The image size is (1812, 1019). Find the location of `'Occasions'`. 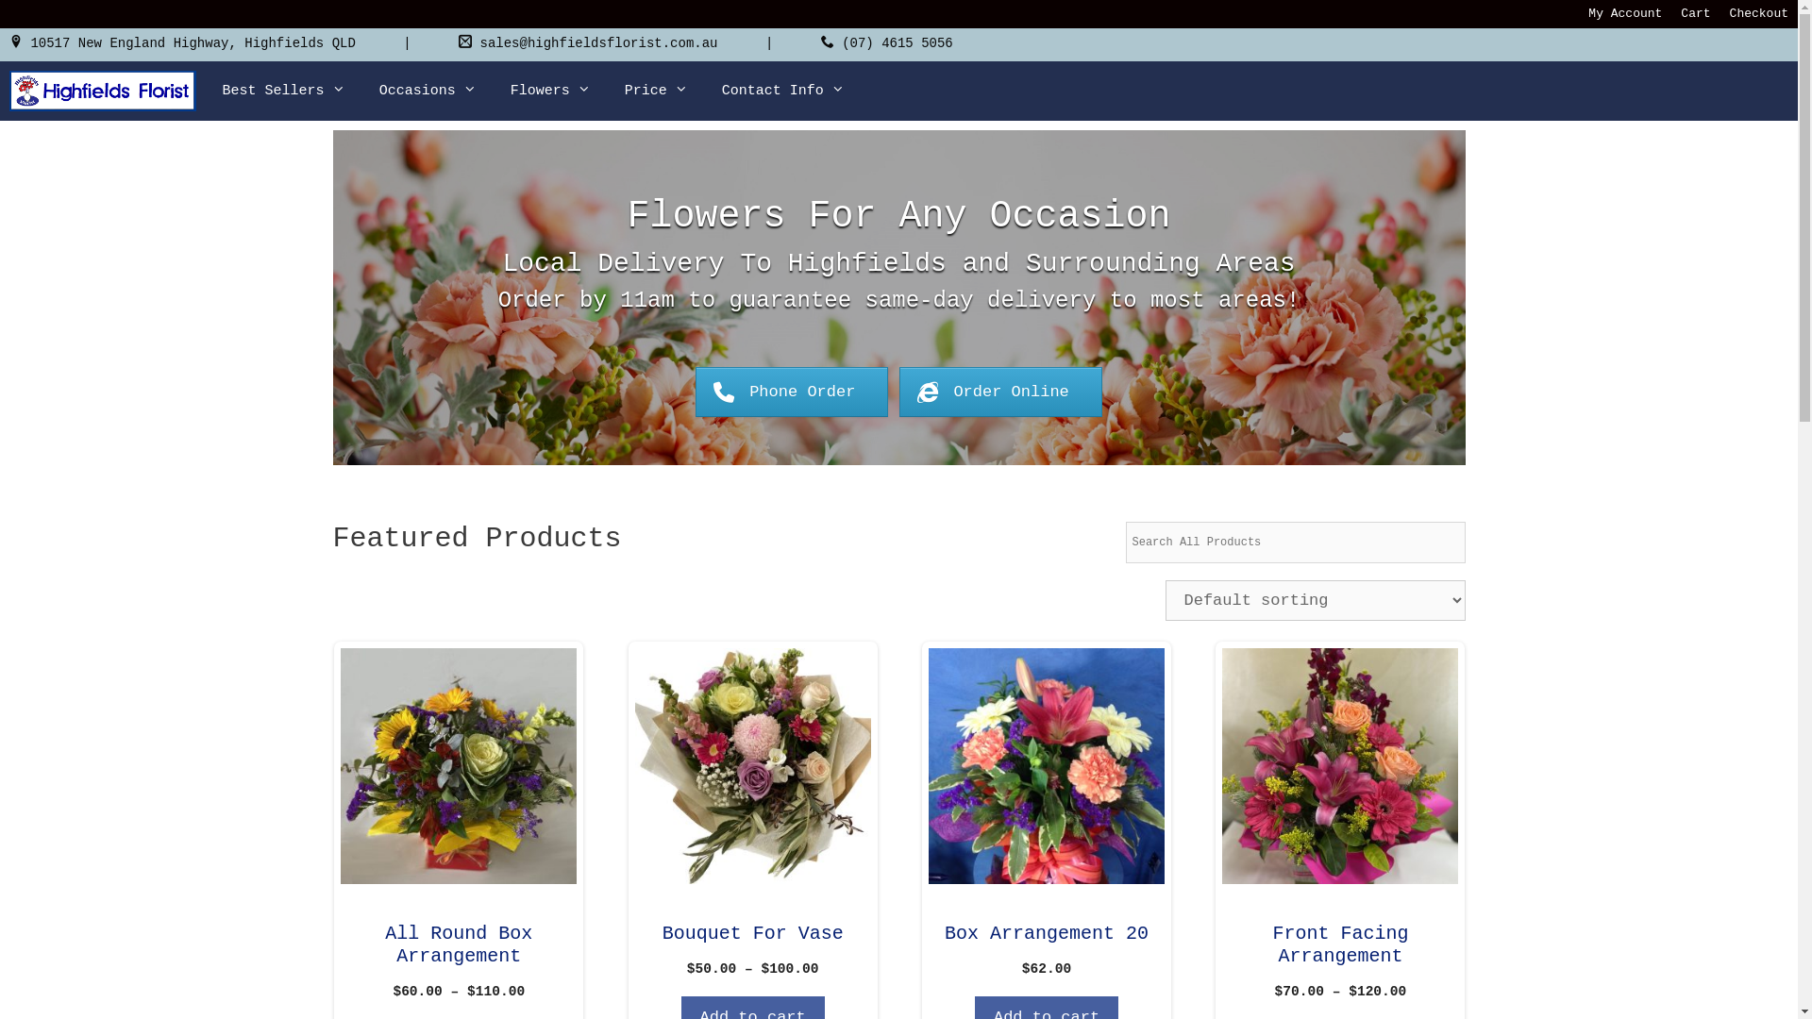

'Occasions' is located at coordinates (362, 90).